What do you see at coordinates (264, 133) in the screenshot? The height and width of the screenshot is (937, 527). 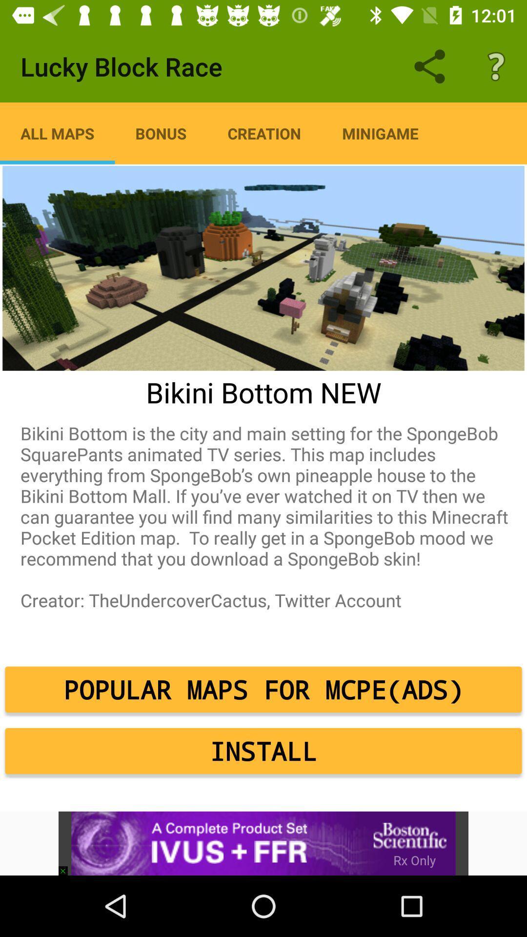 I see `the icon below the lucky block race icon` at bounding box center [264, 133].